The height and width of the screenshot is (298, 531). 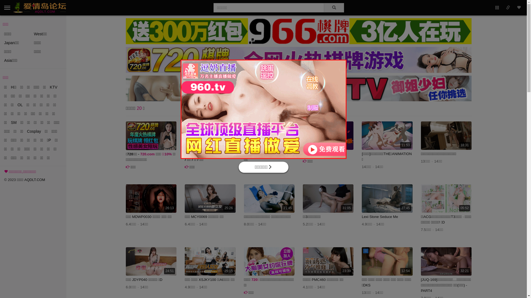 I want to click on '05:52', so click(x=420, y=198).